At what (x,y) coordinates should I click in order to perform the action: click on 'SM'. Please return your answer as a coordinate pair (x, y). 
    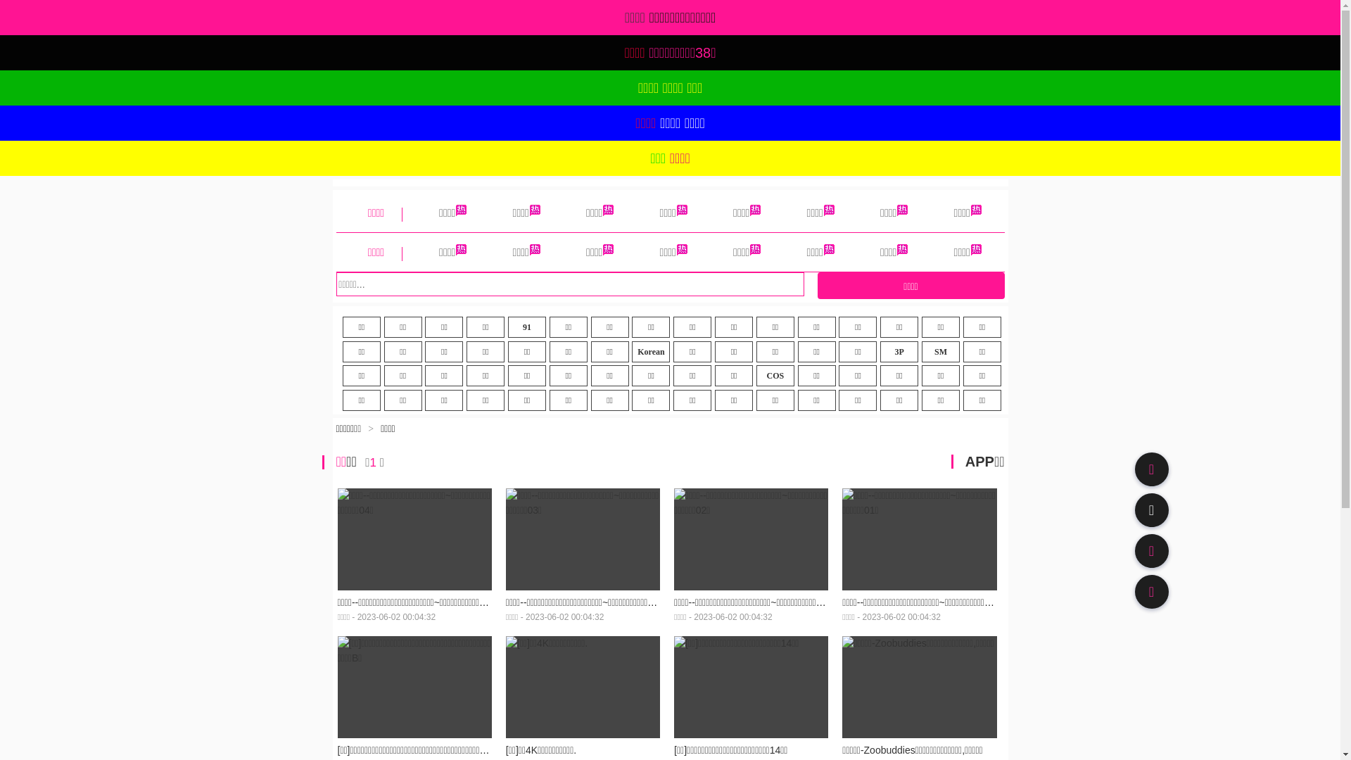
    Looking at the image, I should click on (941, 351).